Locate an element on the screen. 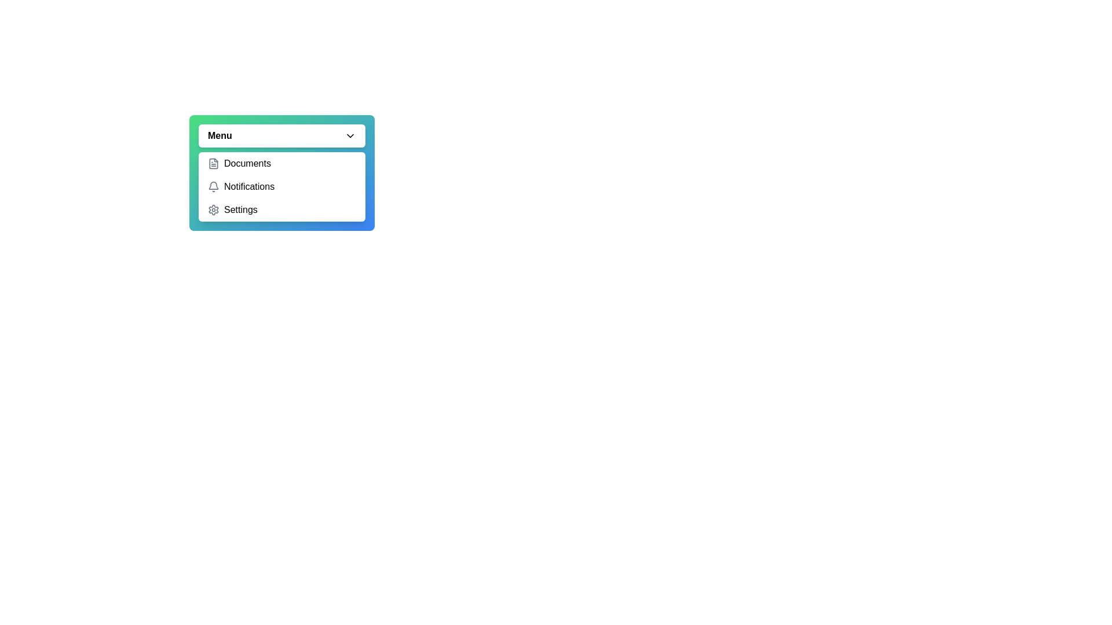  the gray gear icon representing settings functionality located to the left of the 'Settings' text in the dropdown menu to possibly see a tooltip is located at coordinates (214, 209).